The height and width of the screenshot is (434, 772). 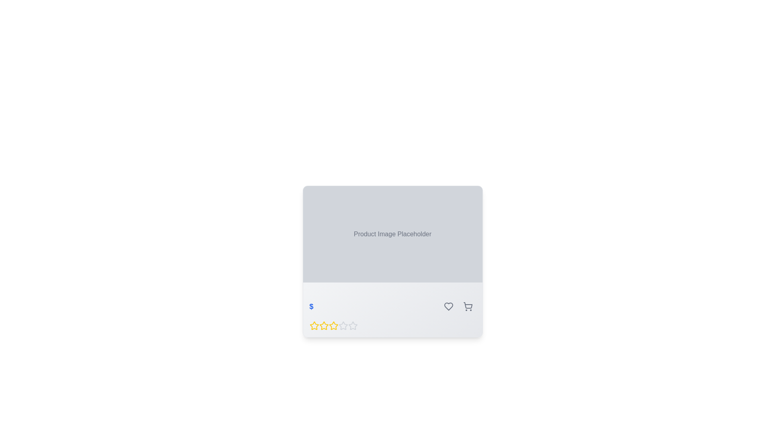 What do you see at coordinates (353, 325) in the screenshot?
I see `the fifth star icon in the star rating component` at bounding box center [353, 325].